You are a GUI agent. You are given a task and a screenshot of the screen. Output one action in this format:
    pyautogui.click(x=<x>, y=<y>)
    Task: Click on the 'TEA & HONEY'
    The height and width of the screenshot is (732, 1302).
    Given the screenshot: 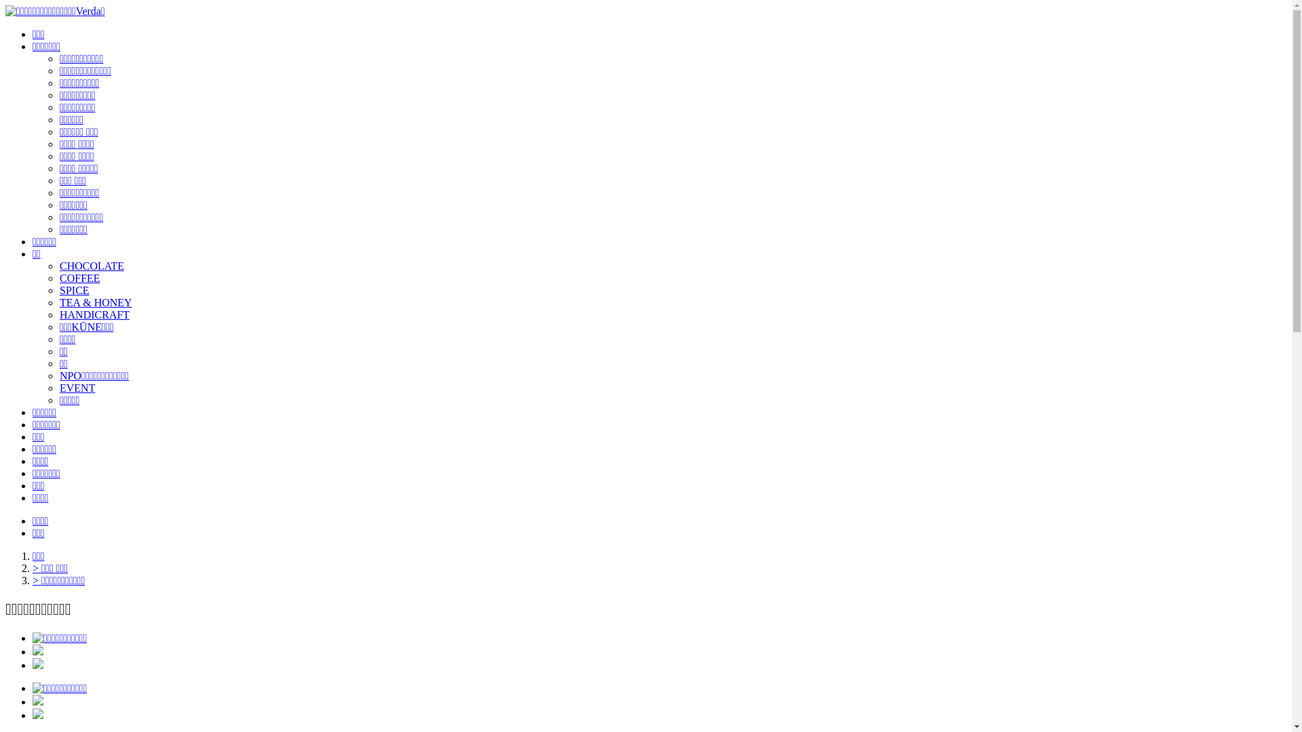 What is the action you would take?
    pyautogui.click(x=58, y=302)
    